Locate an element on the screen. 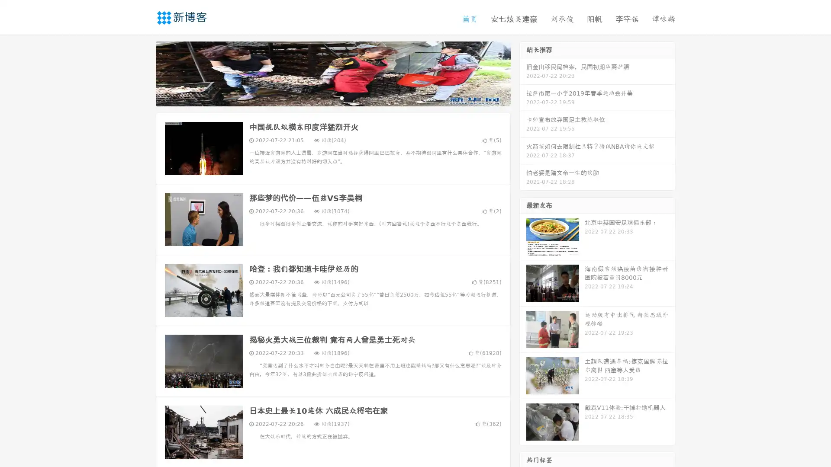 This screenshot has width=831, height=467. Previous slide is located at coordinates (143, 73).